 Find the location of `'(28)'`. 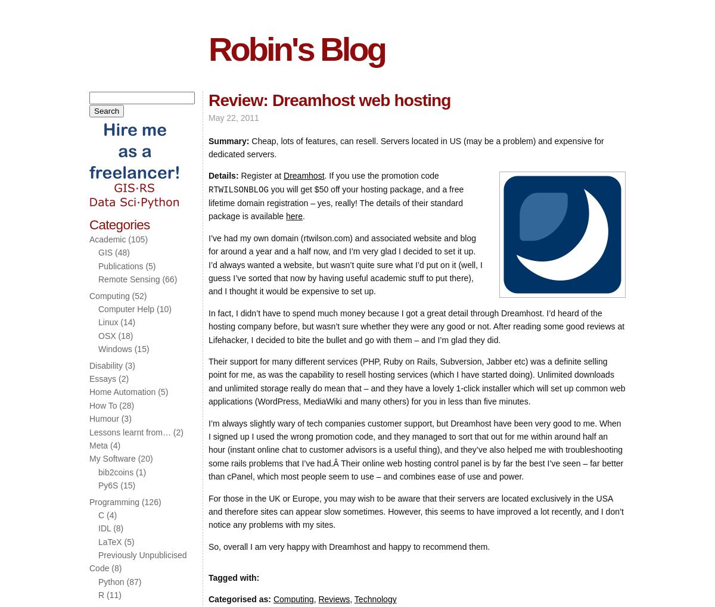

'(28)' is located at coordinates (116, 404).